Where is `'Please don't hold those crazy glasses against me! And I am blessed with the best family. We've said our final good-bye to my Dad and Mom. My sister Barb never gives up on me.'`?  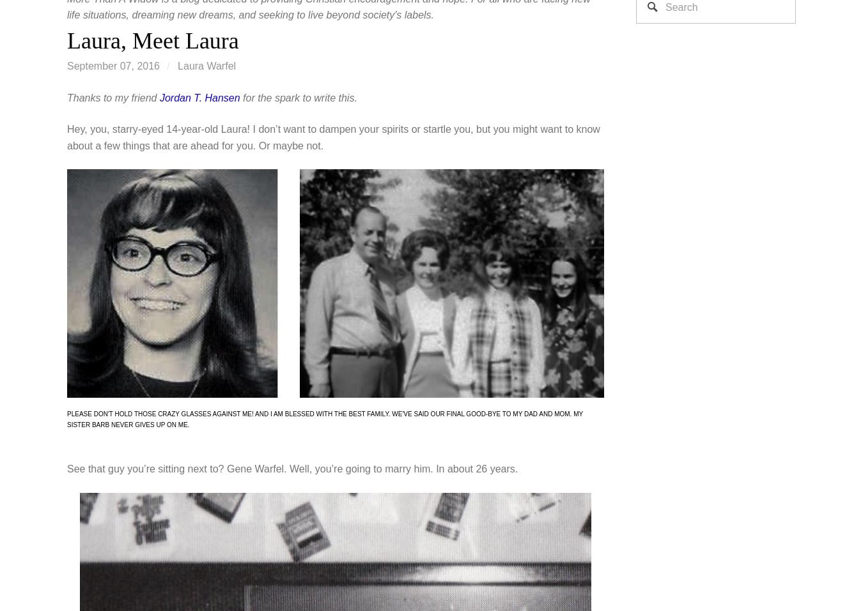 'Please don't hold those crazy glasses against me! And I am blessed with the best family. We've said our final good-bye to my Dad and Mom. My sister Barb never gives up on me.' is located at coordinates (324, 418).